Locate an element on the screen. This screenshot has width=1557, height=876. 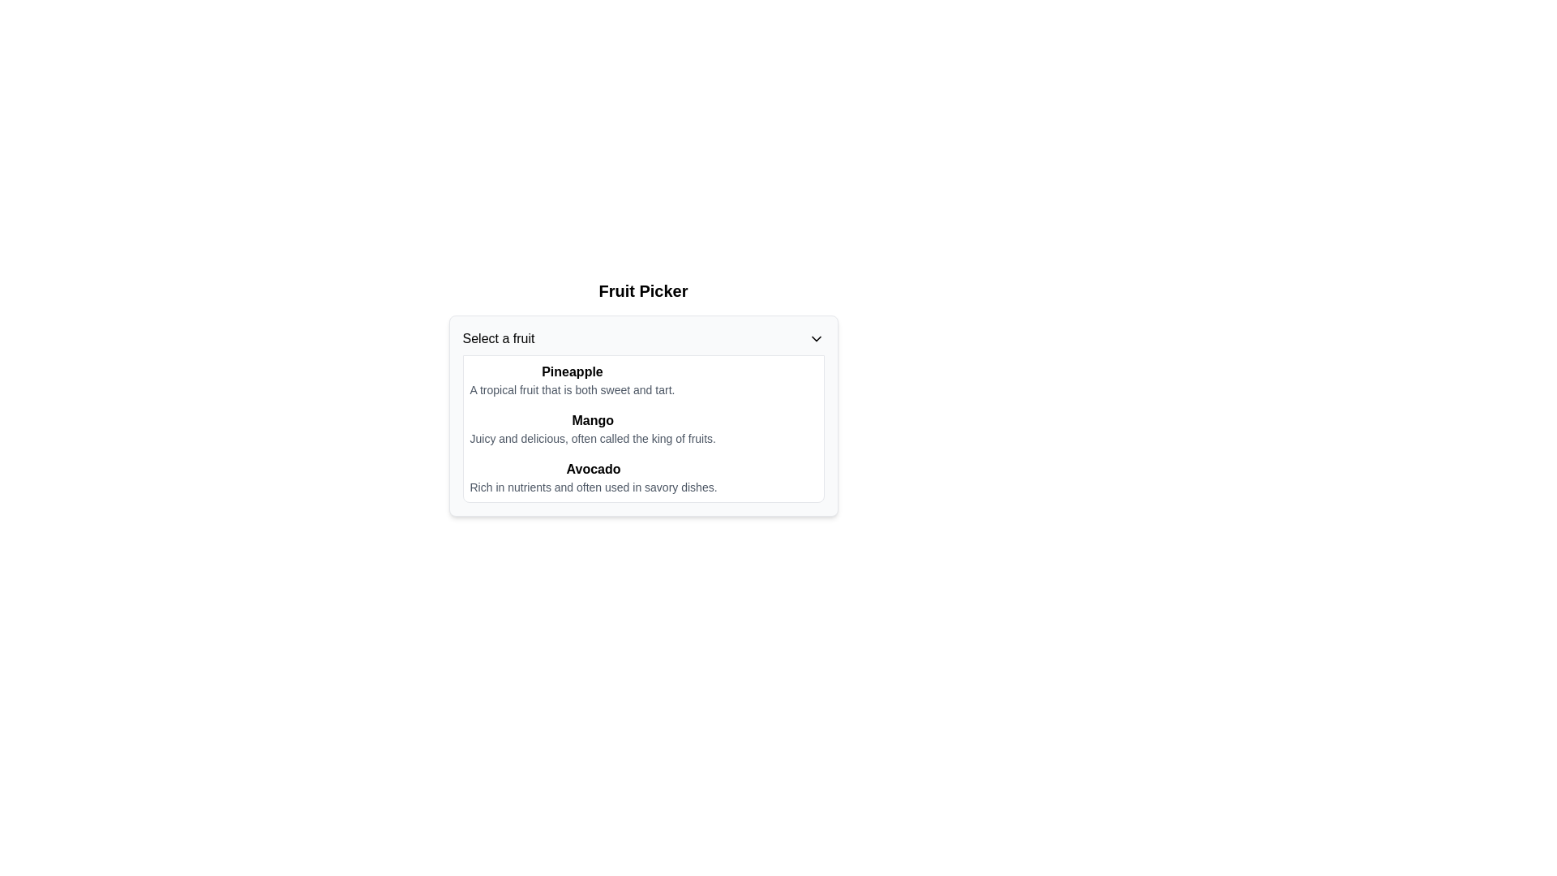
the first selectable list item labeled 'Pineapple' in the fruit picker interface is located at coordinates (642, 380).